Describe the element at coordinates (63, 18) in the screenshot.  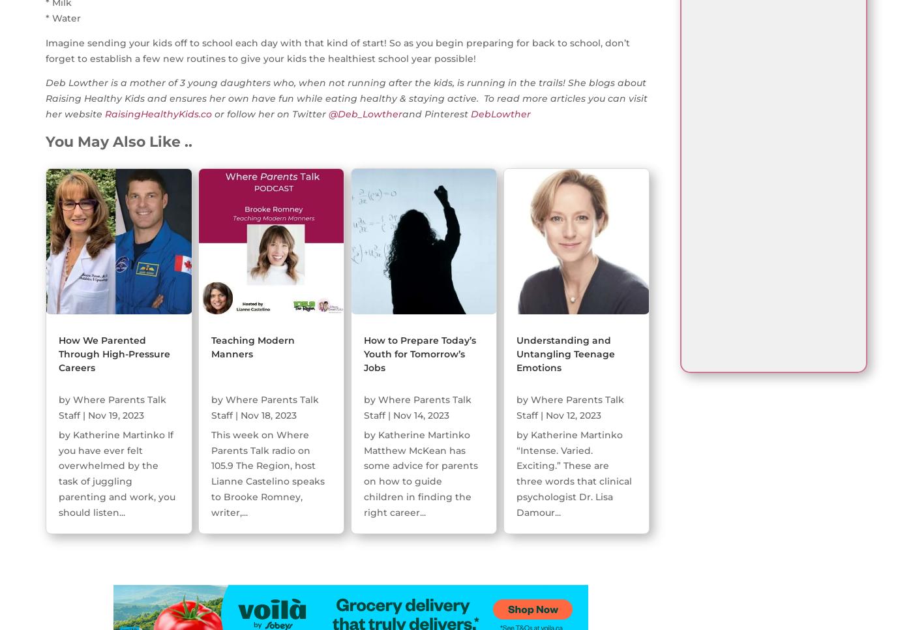
I see `'* Water'` at that location.